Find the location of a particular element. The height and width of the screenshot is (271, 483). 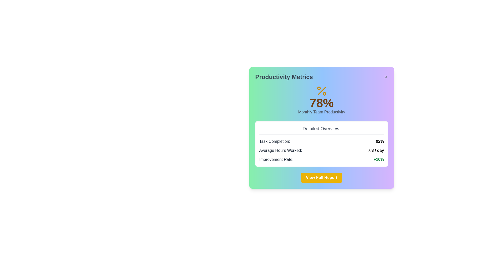

the Text Label that serves as the title for the section within the header of the card-like layout is located at coordinates (284, 77).